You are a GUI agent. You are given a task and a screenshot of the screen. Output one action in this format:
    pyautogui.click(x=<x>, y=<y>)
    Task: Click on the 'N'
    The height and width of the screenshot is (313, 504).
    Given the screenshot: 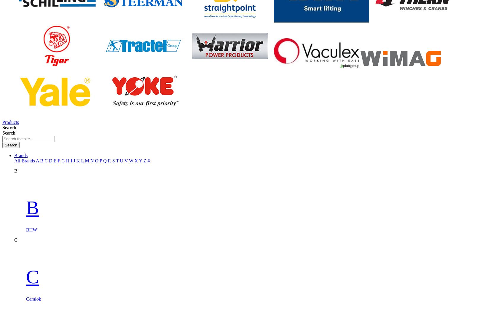 What is the action you would take?
    pyautogui.click(x=90, y=160)
    